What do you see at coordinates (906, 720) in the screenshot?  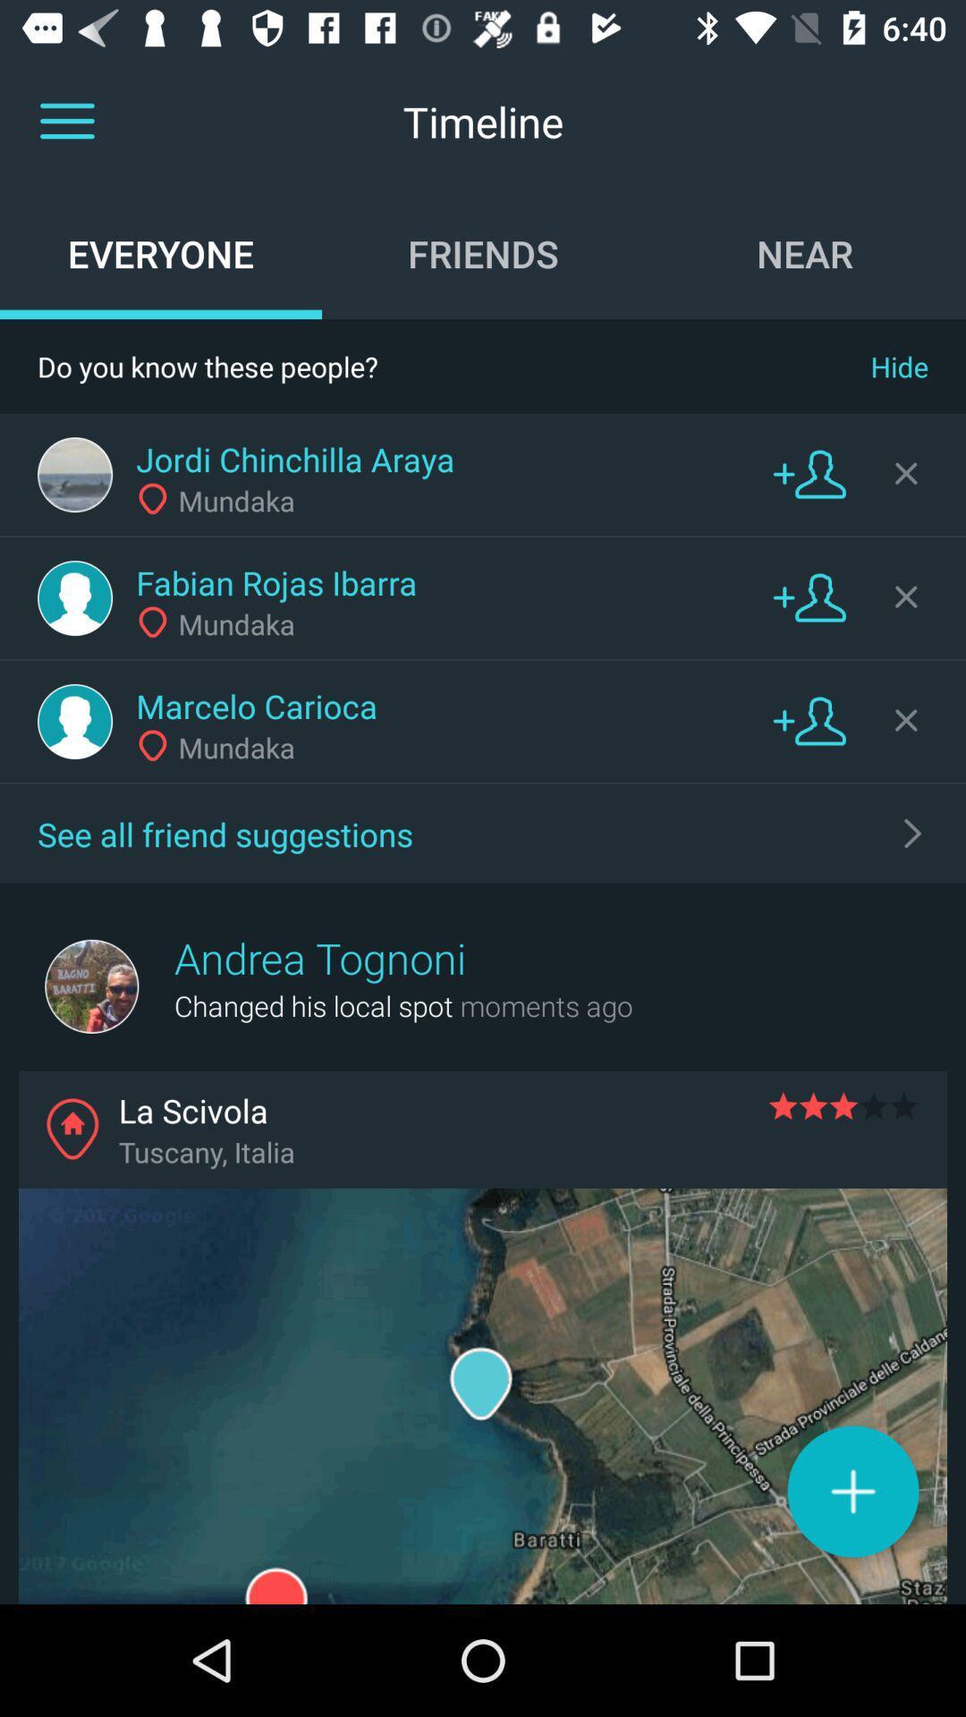 I see `remove person` at bounding box center [906, 720].